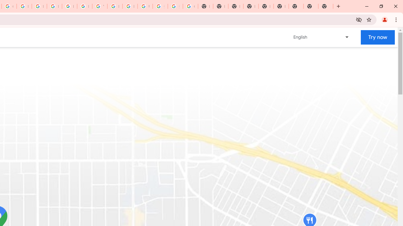  I want to click on 'Privacy Help Center - Policies Help', so click(39, 6).